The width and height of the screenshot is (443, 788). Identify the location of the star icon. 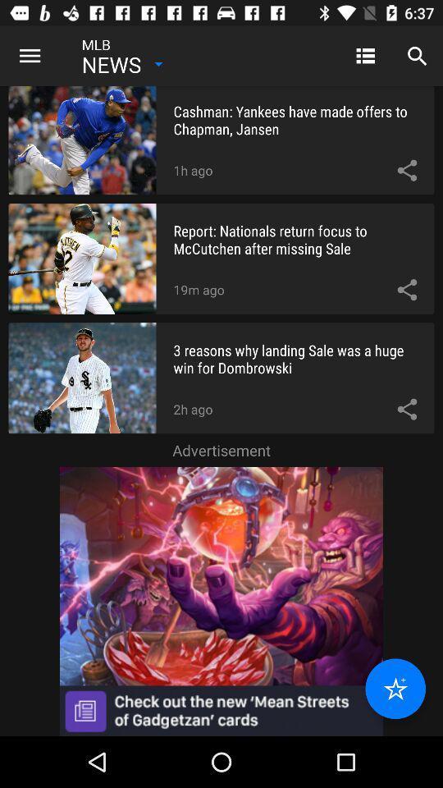
(395, 689).